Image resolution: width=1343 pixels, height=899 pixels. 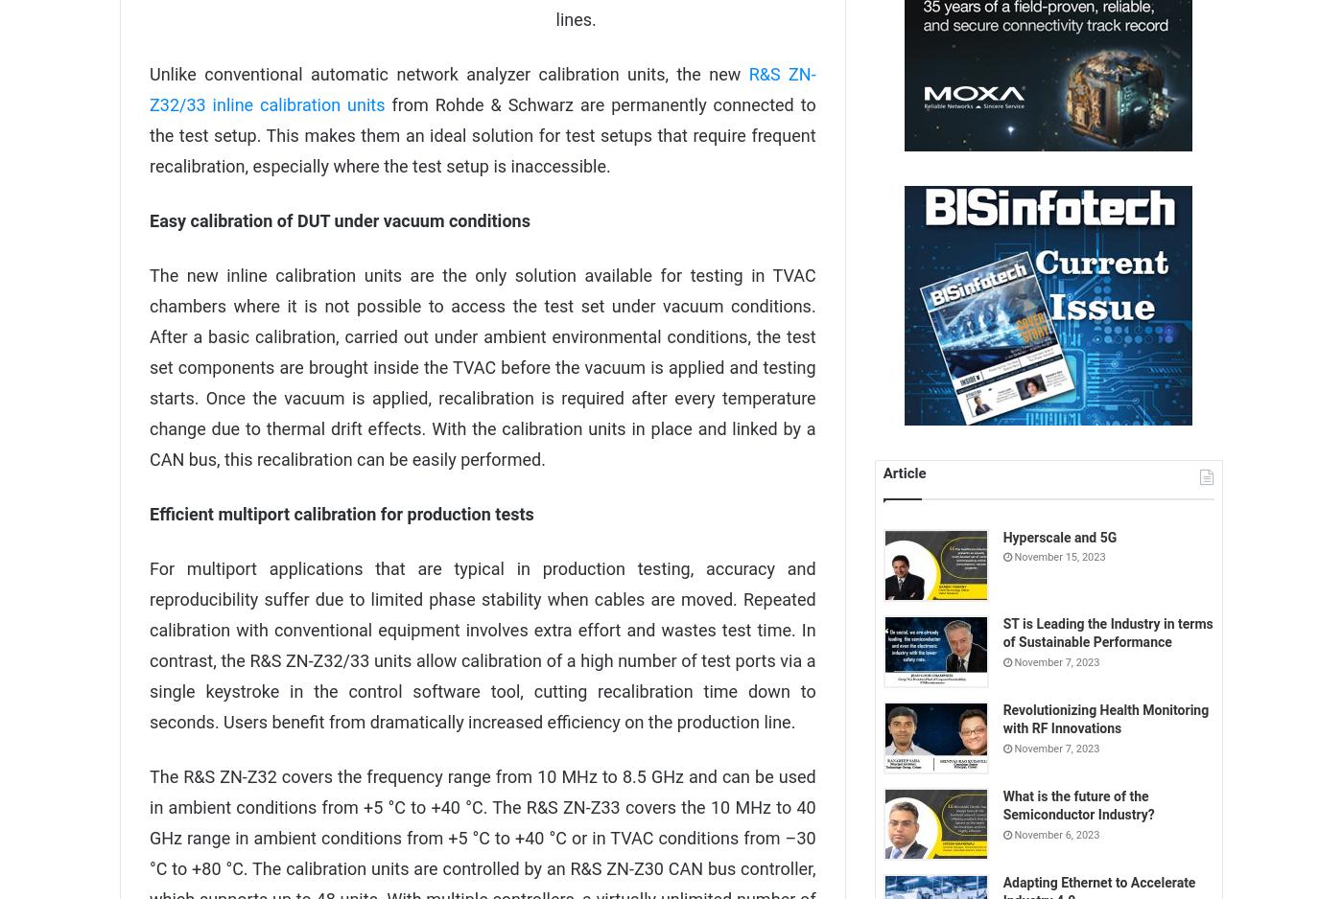 What do you see at coordinates (1059, 556) in the screenshot?
I see `'November 15, 2023'` at bounding box center [1059, 556].